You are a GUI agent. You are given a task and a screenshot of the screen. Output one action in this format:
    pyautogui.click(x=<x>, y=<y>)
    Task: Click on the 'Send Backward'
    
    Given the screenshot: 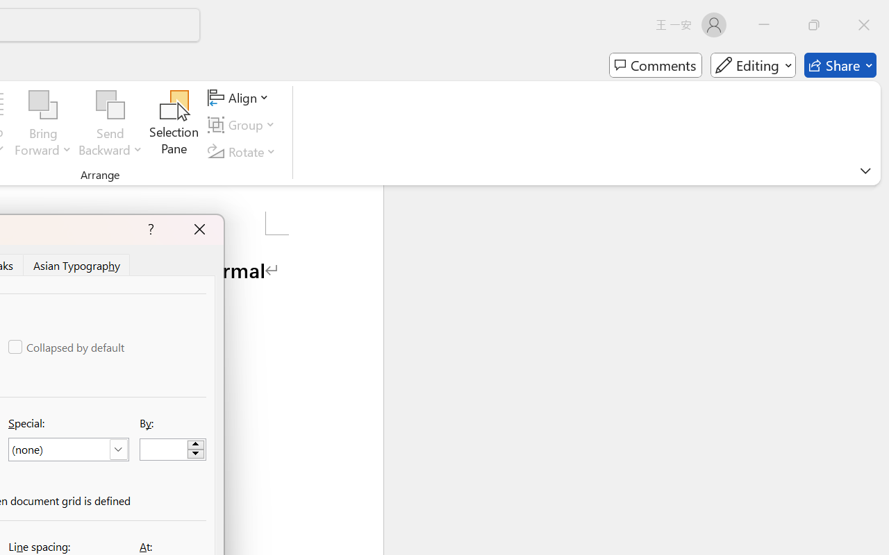 What is the action you would take?
    pyautogui.click(x=110, y=124)
    